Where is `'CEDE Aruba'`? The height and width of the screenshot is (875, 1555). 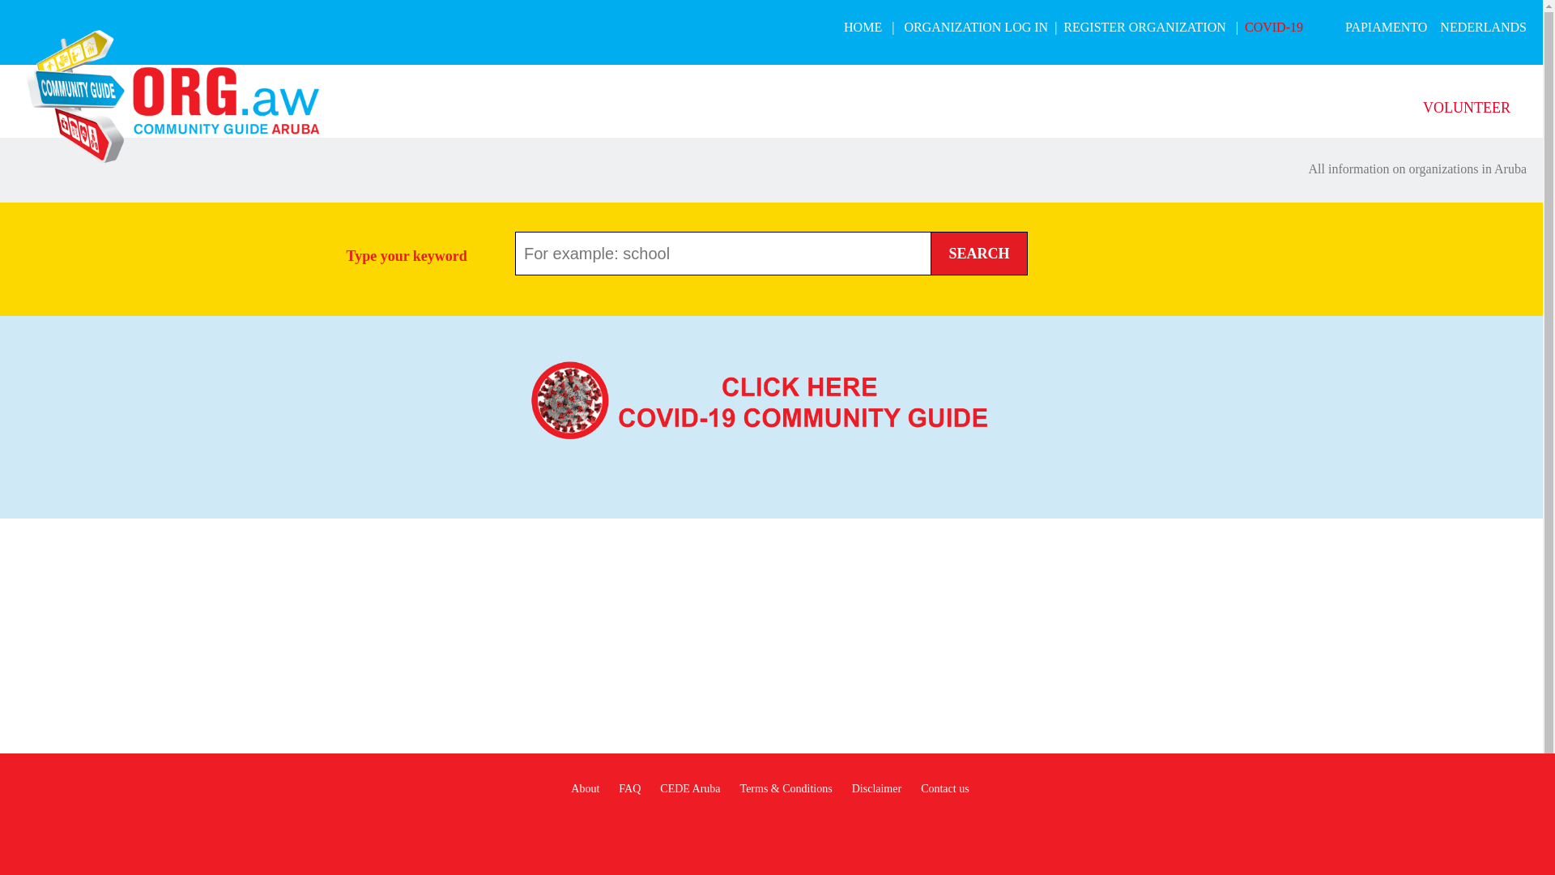
'CEDE Aruba' is located at coordinates (689, 787).